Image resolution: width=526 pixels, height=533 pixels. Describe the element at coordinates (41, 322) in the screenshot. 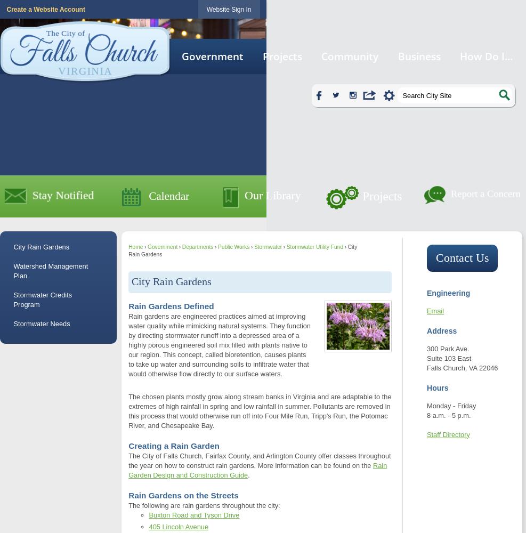

I see `'Stormwater Needs'` at that location.